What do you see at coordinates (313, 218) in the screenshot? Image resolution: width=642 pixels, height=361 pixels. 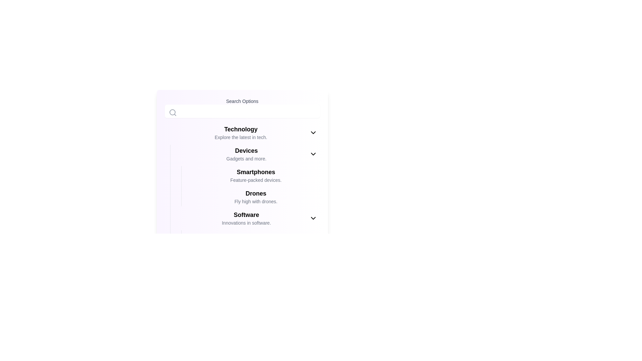 I see `the downward-facing chevron icon on the right end of the 'Software Innovations in software.' row` at bounding box center [313, 218].